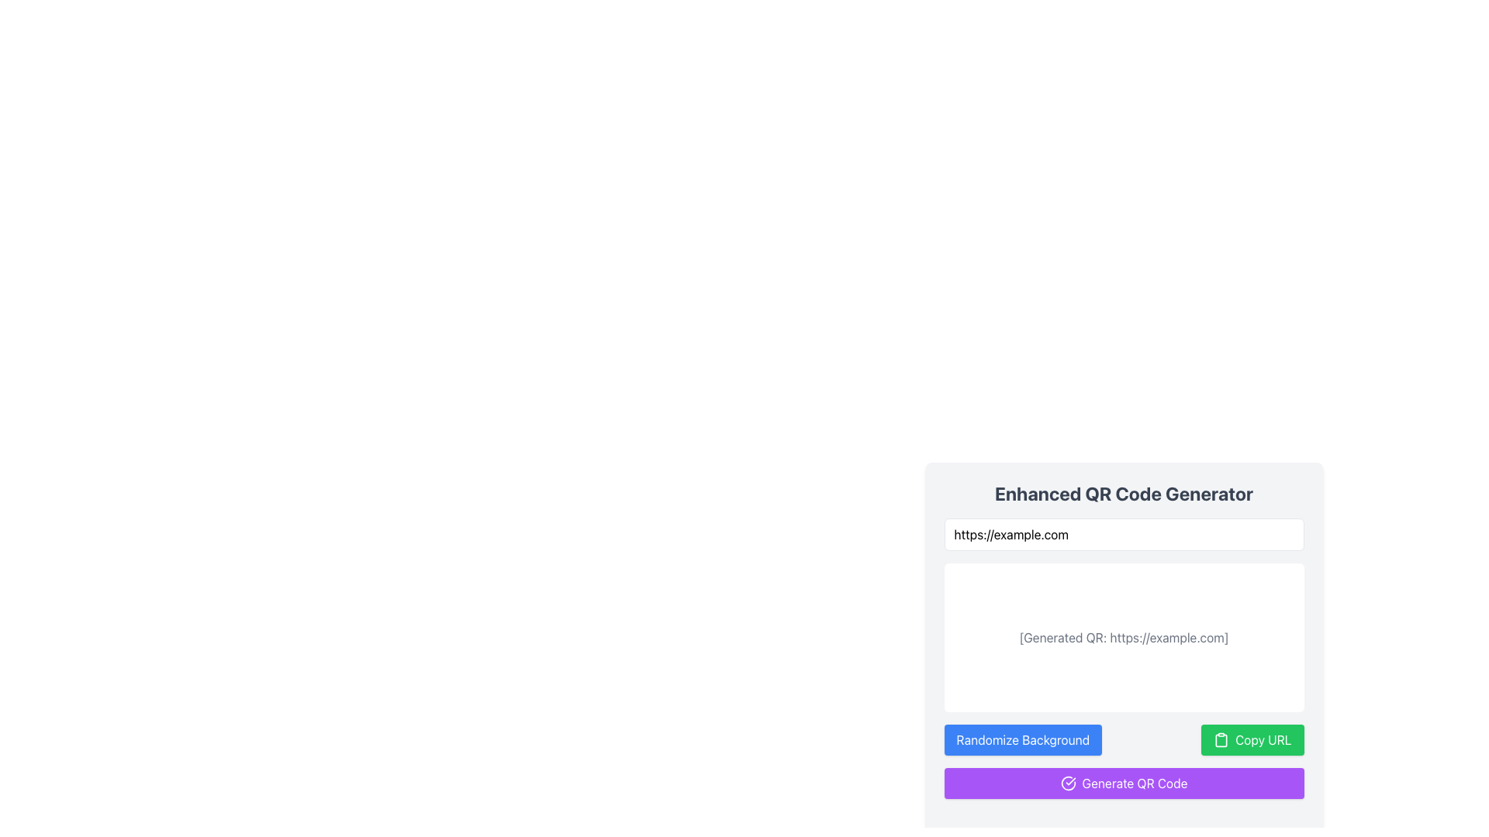 The height and width of the screenshot is (837, 1489). I want to click on the green 'Copy URL' button with a clipboard icon to copy the URL, so click(1252, 739).